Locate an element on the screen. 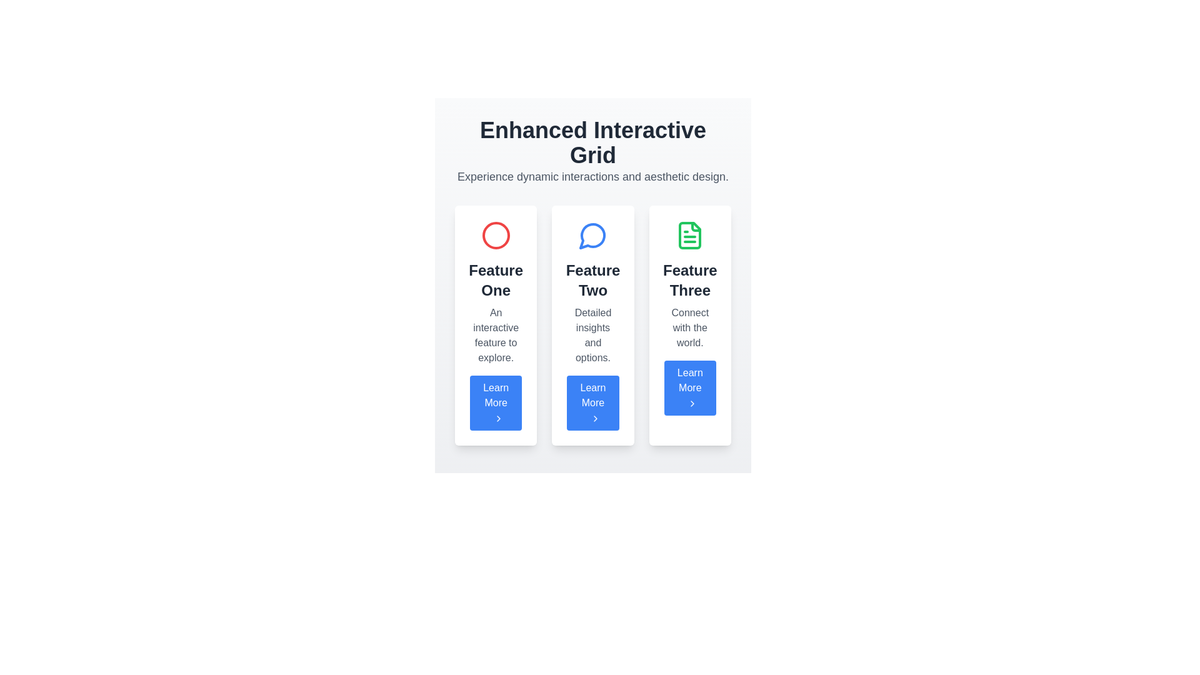  the call-to-action button located at the bottom of the 'Feature Three' card is located at coordinates (689, 387).